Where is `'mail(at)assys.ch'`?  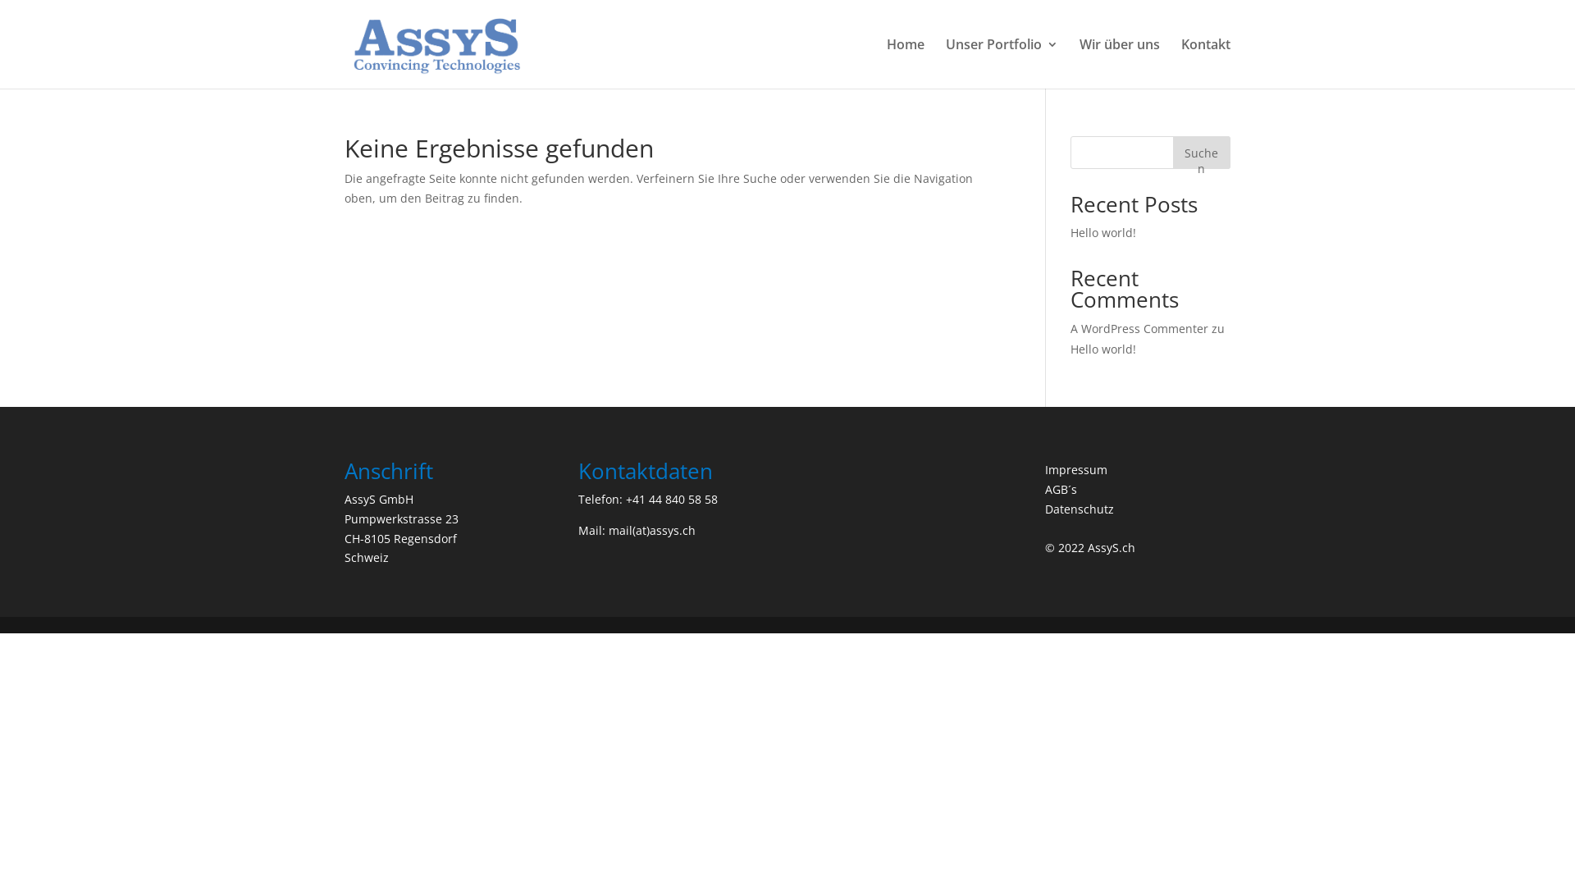 'mail(at)assys.ch' is located at coordinates (651, 530).